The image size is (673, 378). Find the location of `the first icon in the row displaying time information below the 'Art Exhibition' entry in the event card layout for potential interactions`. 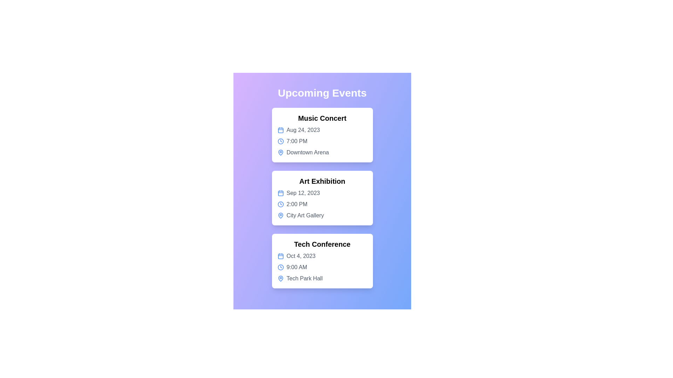

the first icon in the row displaying time information below the 'Art Exhibition' entry in the event card layout for potential interactions is located at coordinates (280, 204).